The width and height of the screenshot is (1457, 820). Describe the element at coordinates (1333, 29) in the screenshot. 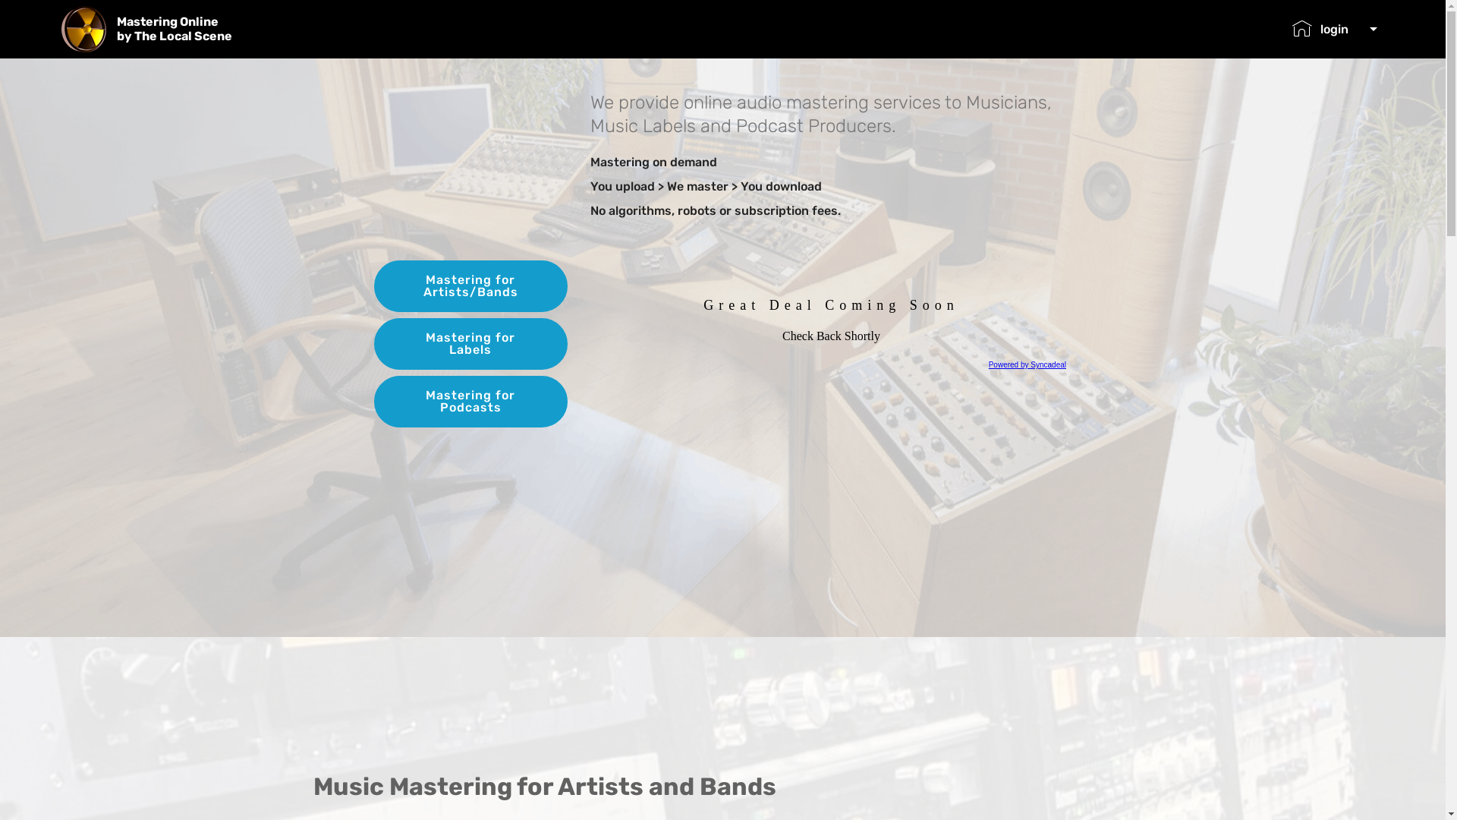

I see `'login      '` at that location.